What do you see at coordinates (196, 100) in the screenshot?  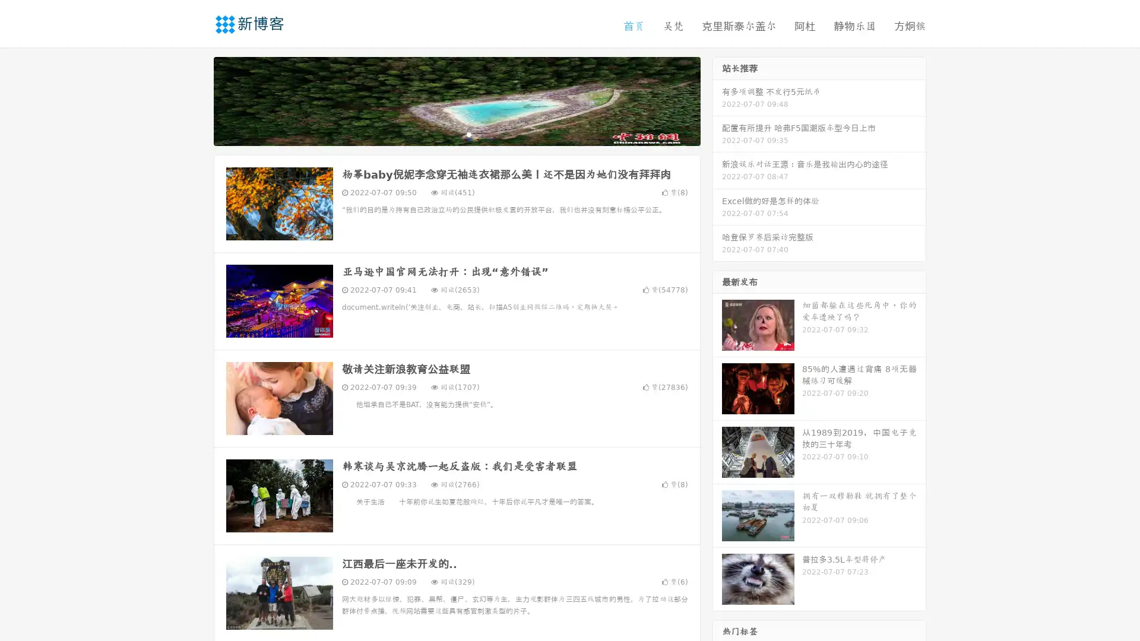 I see `Previous slide` at bounding box center [196, 100].